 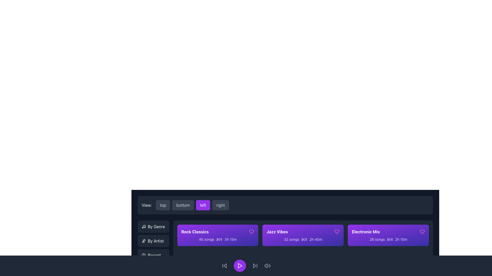 I want to click on the 'bottom' button in the navigation interface to observe the hover effect, so click(x=183, y=205).